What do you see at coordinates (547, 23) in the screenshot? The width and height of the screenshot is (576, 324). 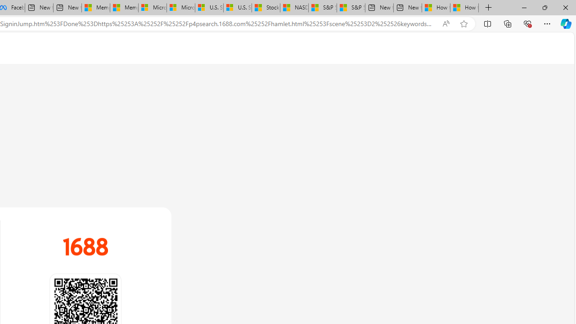 I see `'Settings and more (Alt+F)'` at bounding box center [547, 23].